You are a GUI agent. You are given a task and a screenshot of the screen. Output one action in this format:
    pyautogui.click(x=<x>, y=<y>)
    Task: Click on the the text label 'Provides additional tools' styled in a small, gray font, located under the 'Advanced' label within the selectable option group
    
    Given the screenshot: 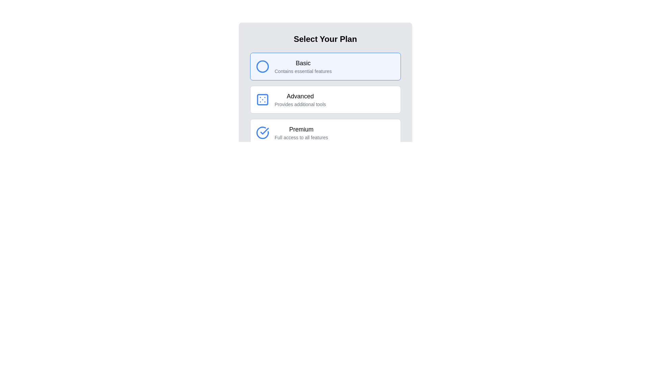 What is the action you would take?
    pyautogui.click(x=300, y=104)
    